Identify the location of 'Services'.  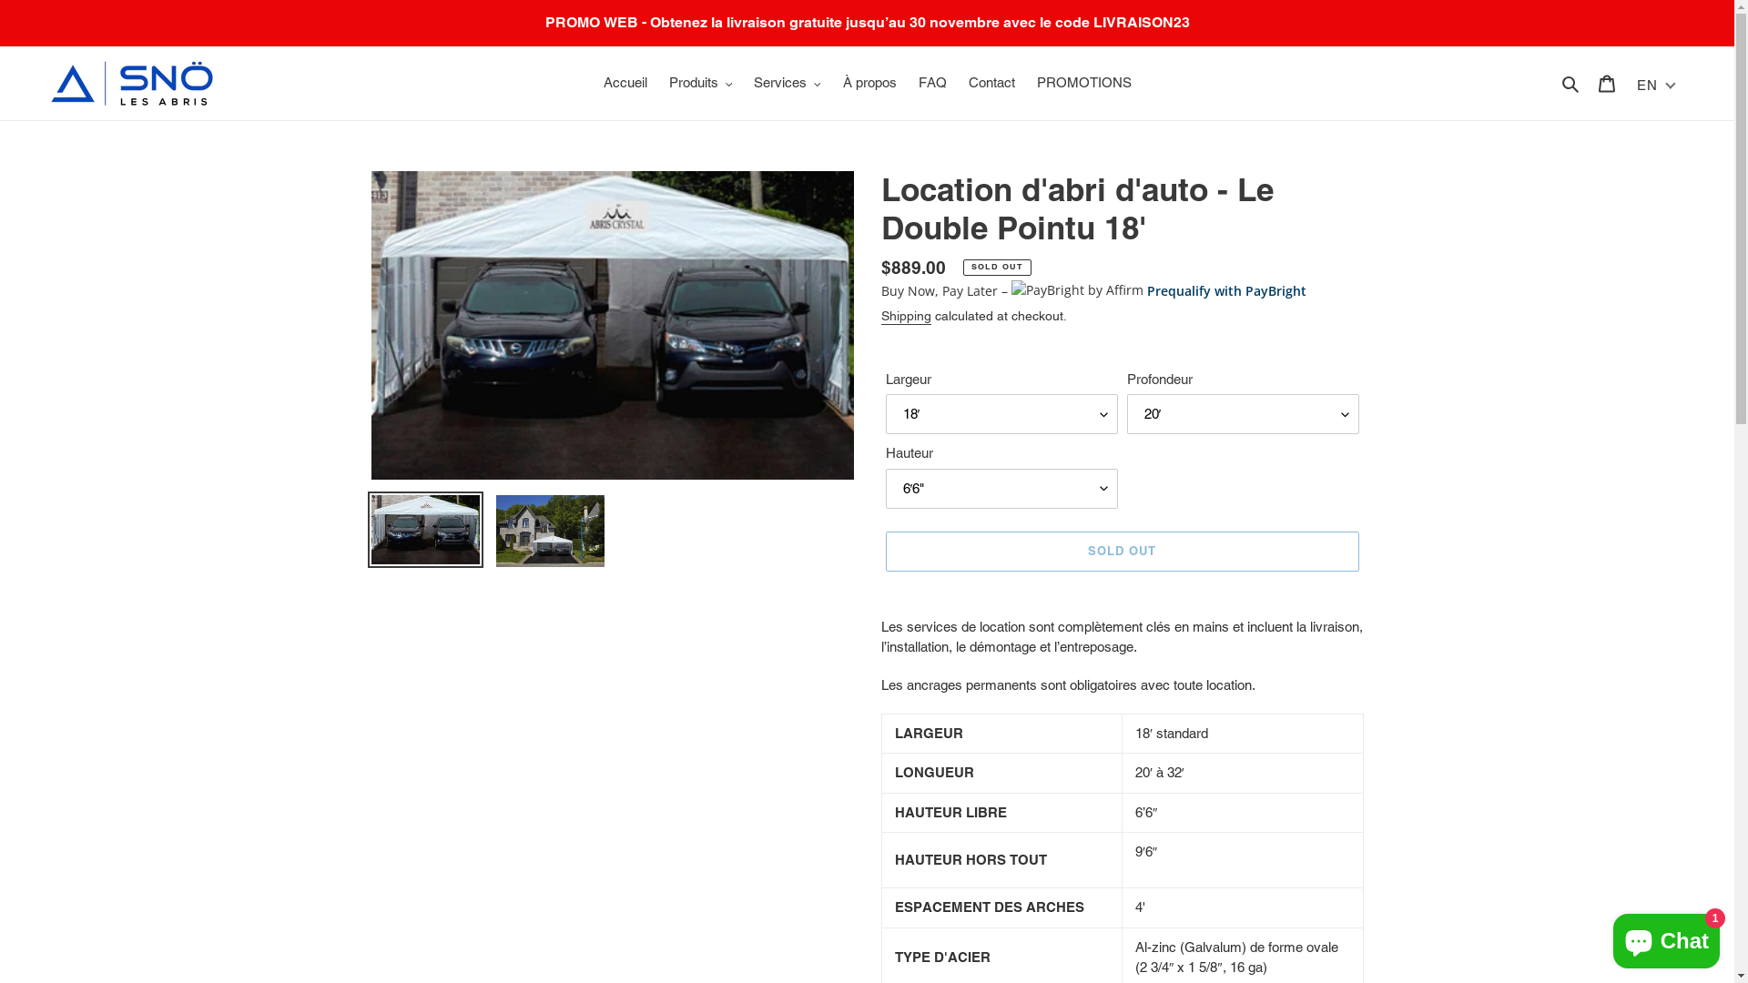
(787, 83).